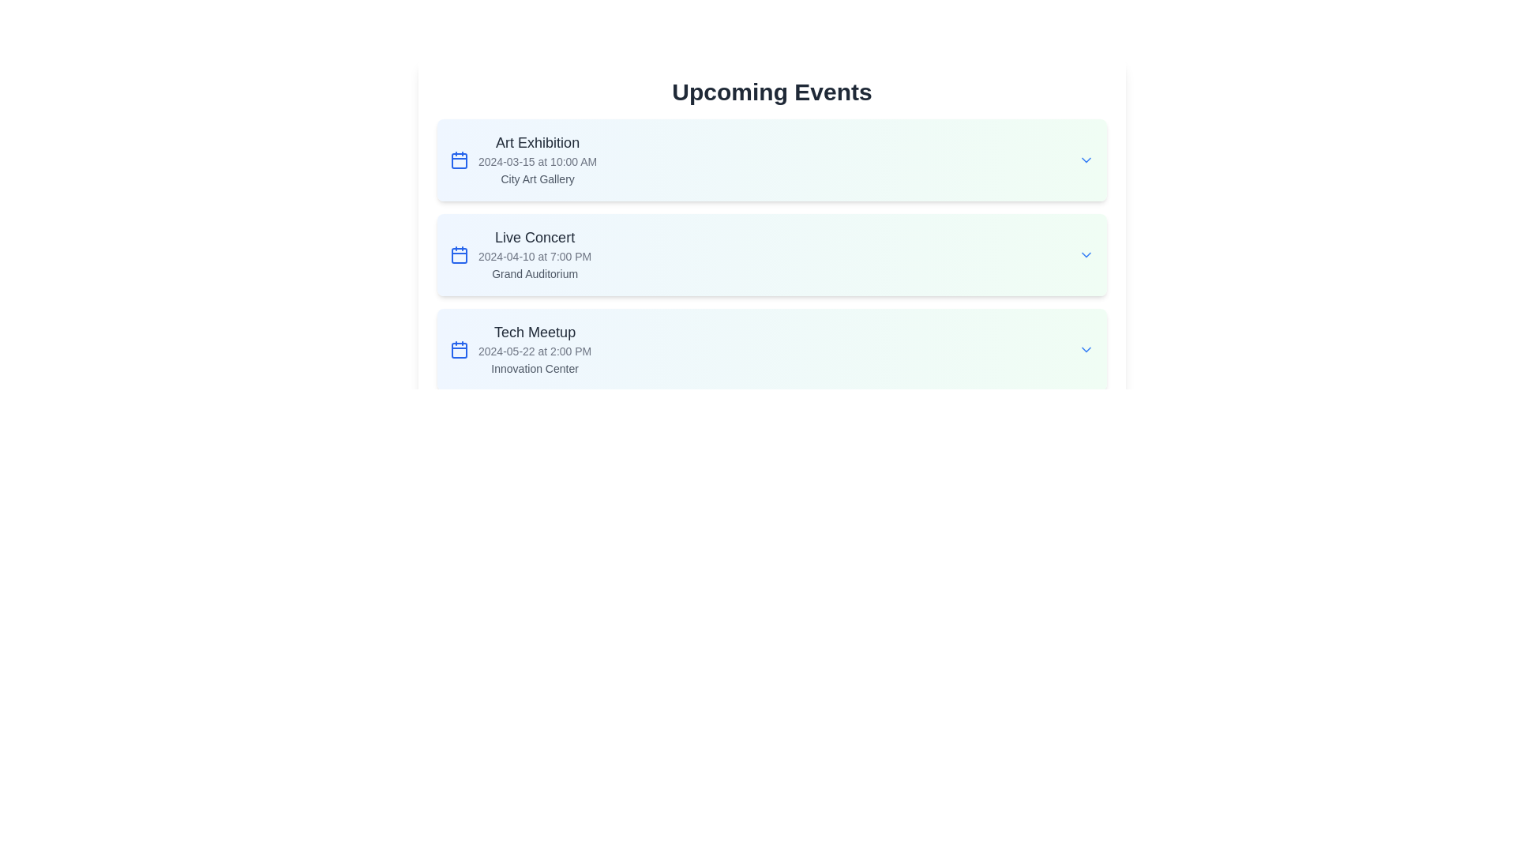 This screenshot has height=853, width=1516. Describe the element at coordinates (523, 160) in the screenshot. I see `the non-interactive Text and Icon Group that conveys critical details about an upcoming event, located in the first event card of the 'Upcoming Events' list` at that location.